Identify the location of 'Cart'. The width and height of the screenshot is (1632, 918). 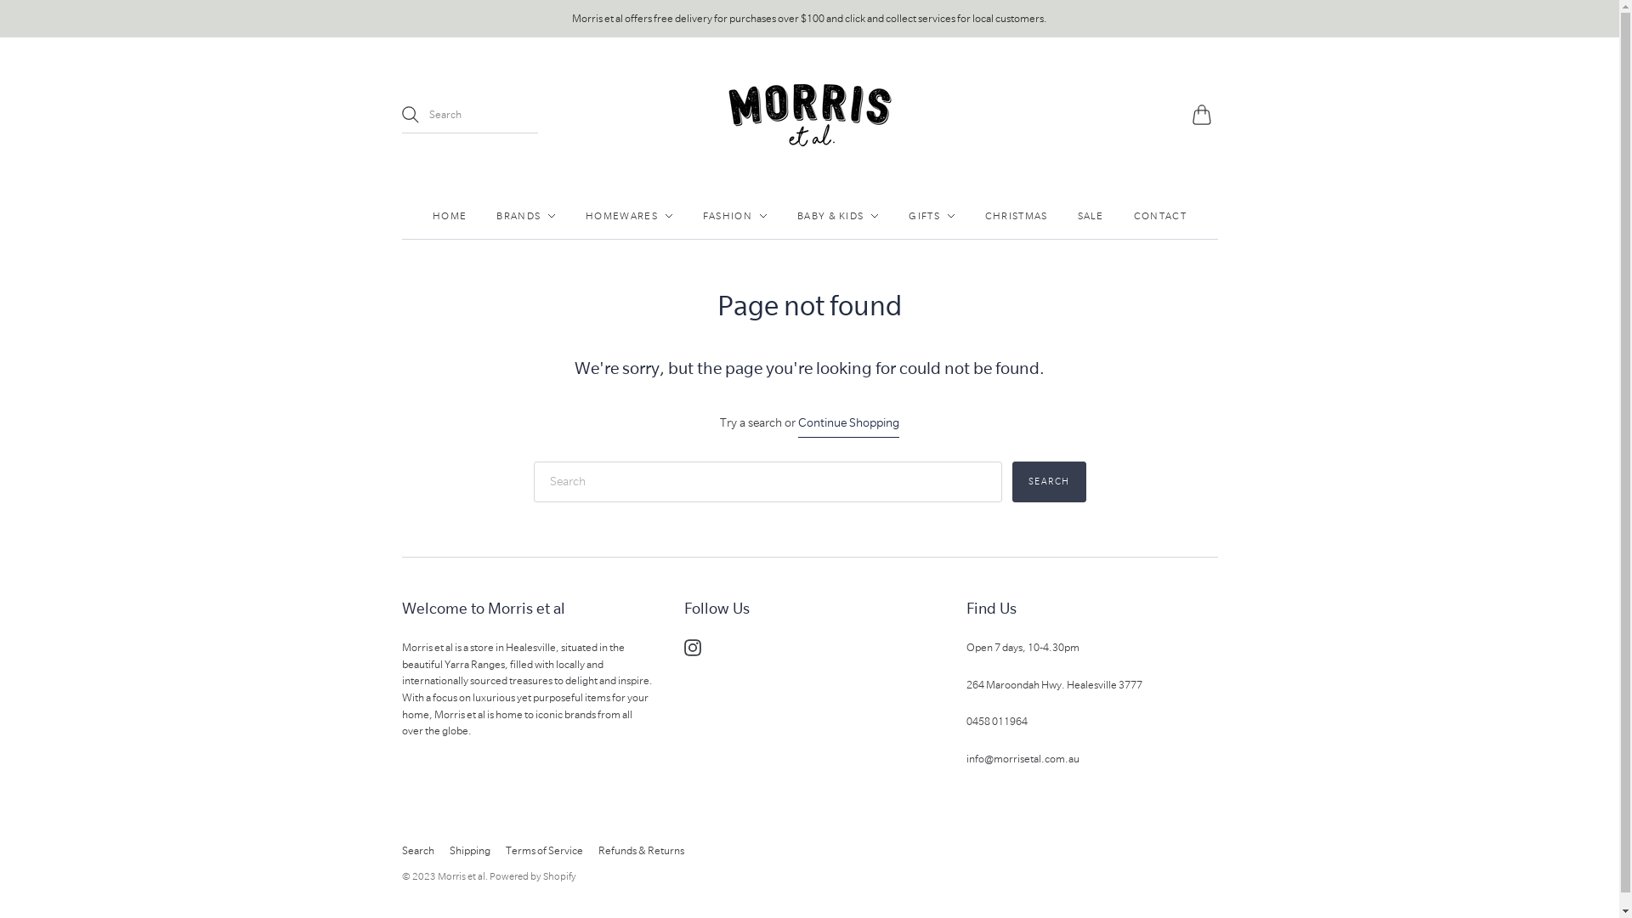
(1203, 115).